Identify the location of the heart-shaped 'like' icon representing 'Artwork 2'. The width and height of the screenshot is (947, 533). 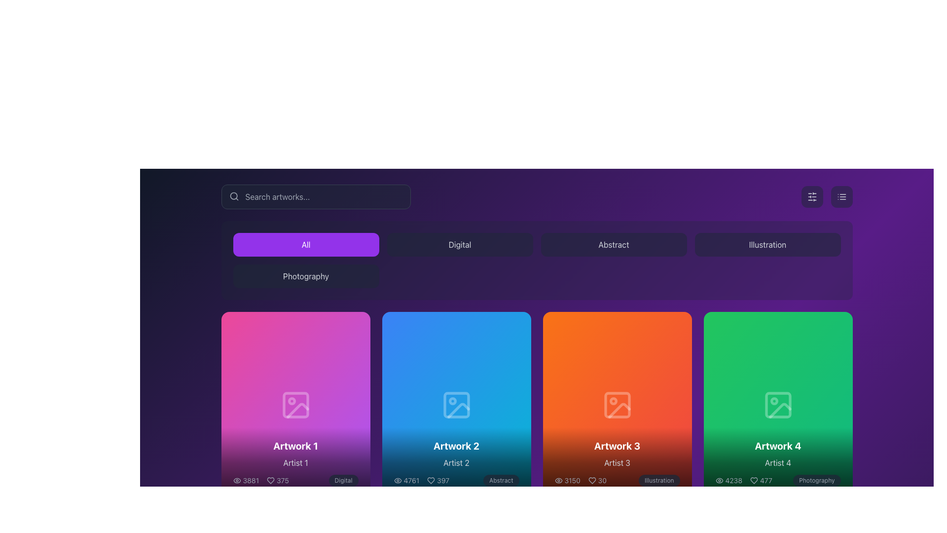
(431, 479).